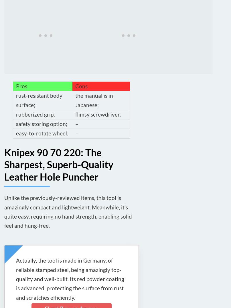  I want to click on 'Actually, the tool is made in Germany, of reliable stamped steel, being amazingly top-quality and well-built. Its red powder coating is advanced, protecting the surface from rust and scratches efficiently.', so click(70, 279).